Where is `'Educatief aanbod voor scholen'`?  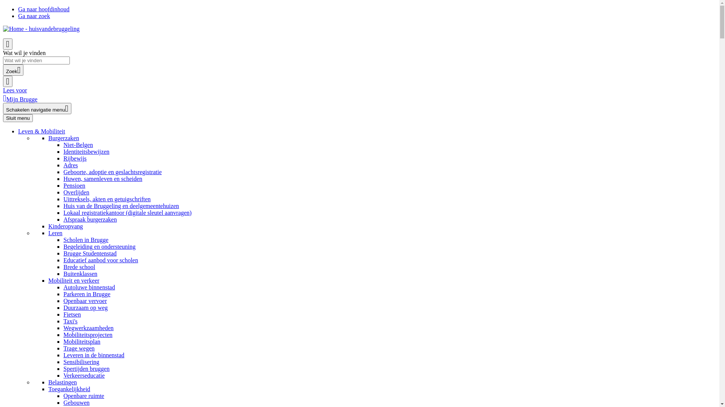 'Educatief aanbod voor scholen' is located at coordinates (100, 260).